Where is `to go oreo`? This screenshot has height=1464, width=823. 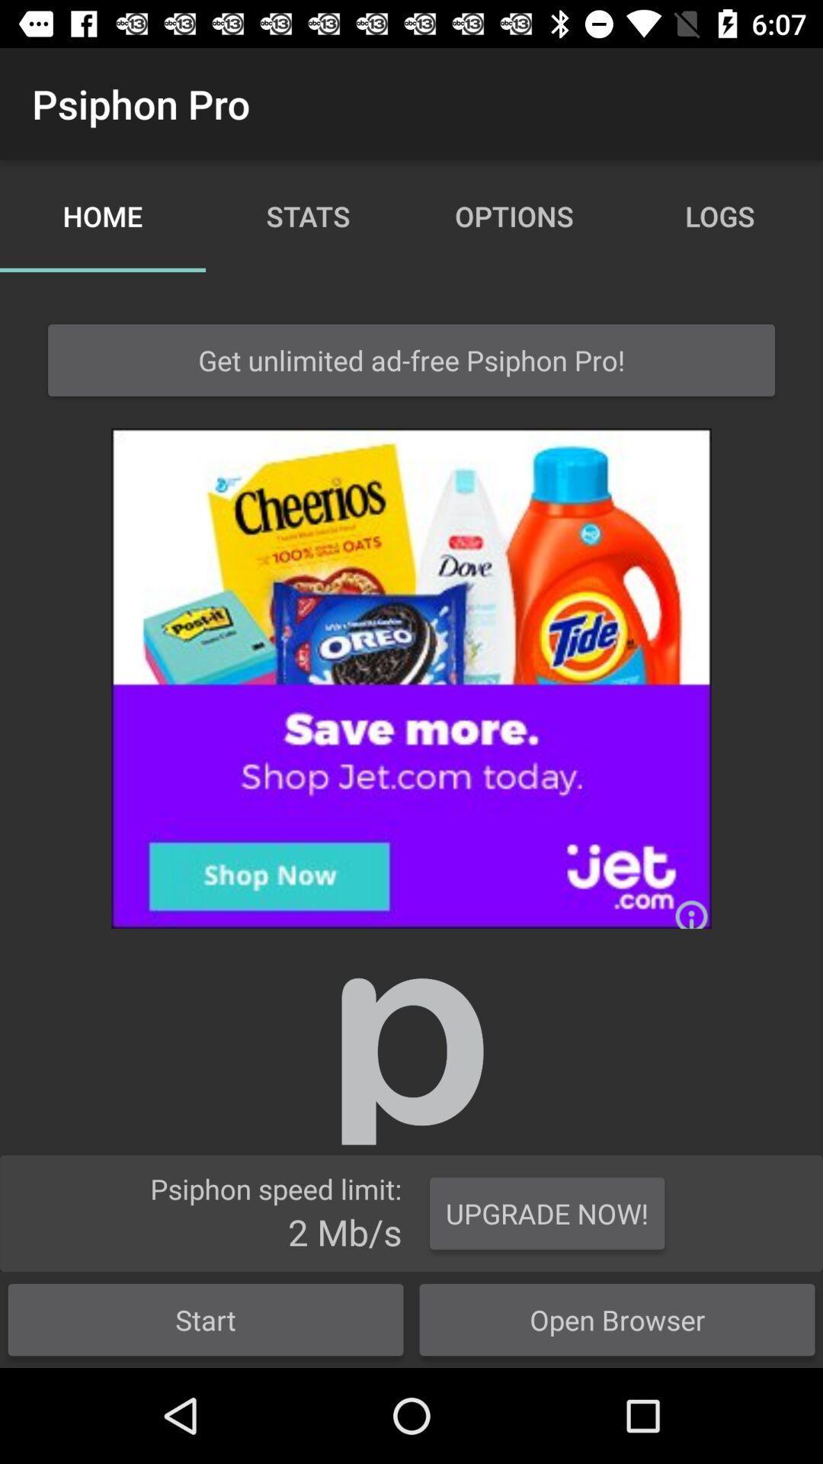 to go oreo is located at coordinates (411, 677).